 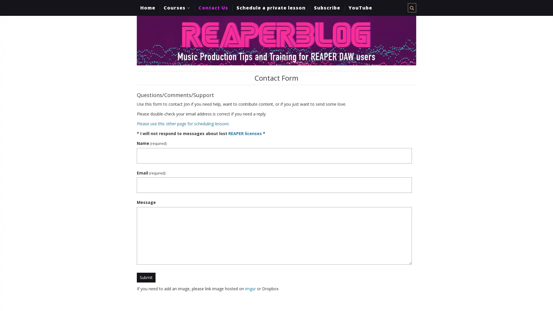 What do you see at coordinates (146, 277) in the screenshot?
I see `Submit` at bounding box center [146, 277].